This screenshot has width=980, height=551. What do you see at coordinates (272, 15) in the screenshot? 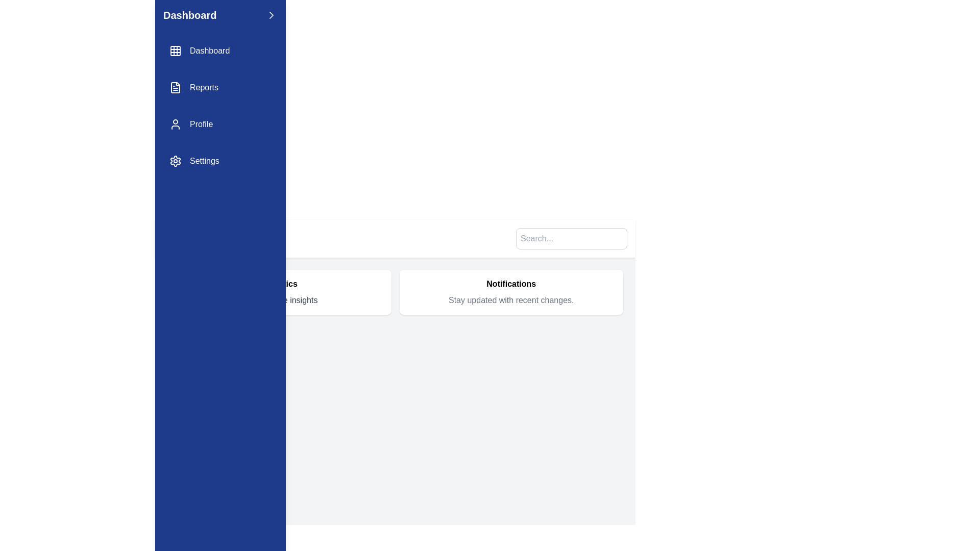
I see `the chevron-shaped icon button on the right end of the navigation bar, next to the 'Dashboard' title` at bounding box center [272, 15].